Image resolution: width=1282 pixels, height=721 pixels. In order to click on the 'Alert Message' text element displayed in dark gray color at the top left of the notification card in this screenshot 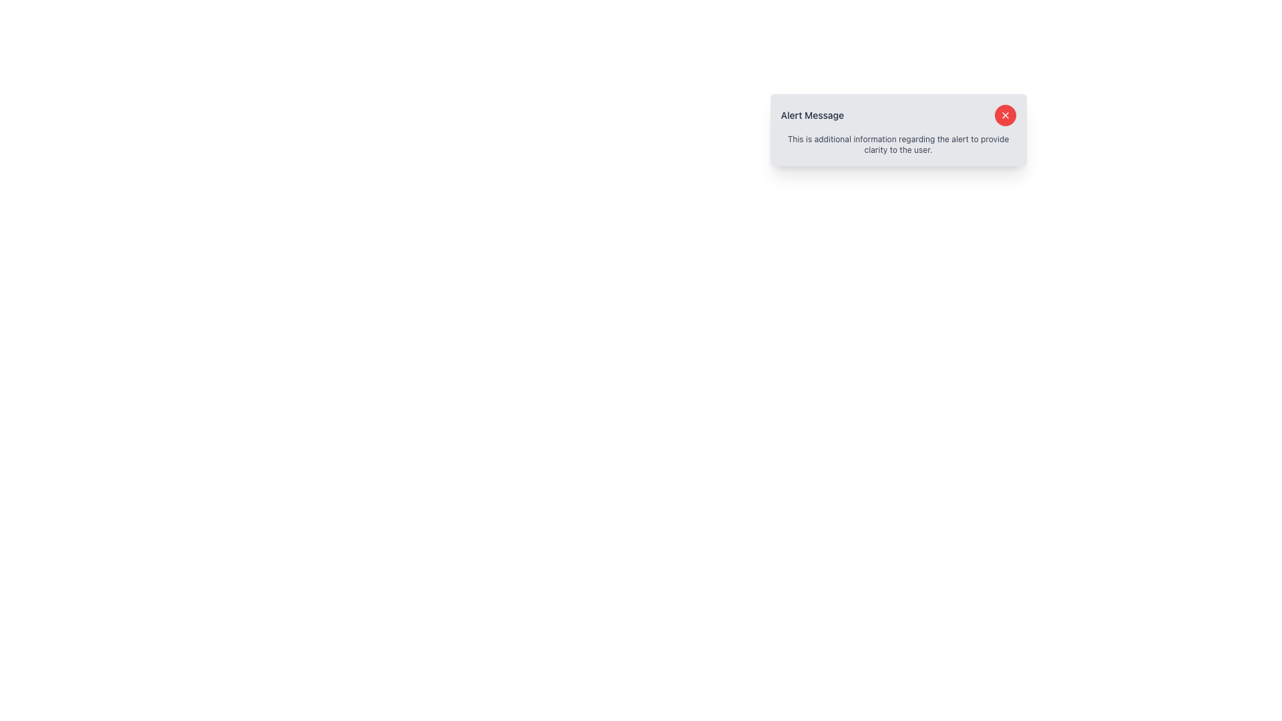, I will do `click(811, 115)`.